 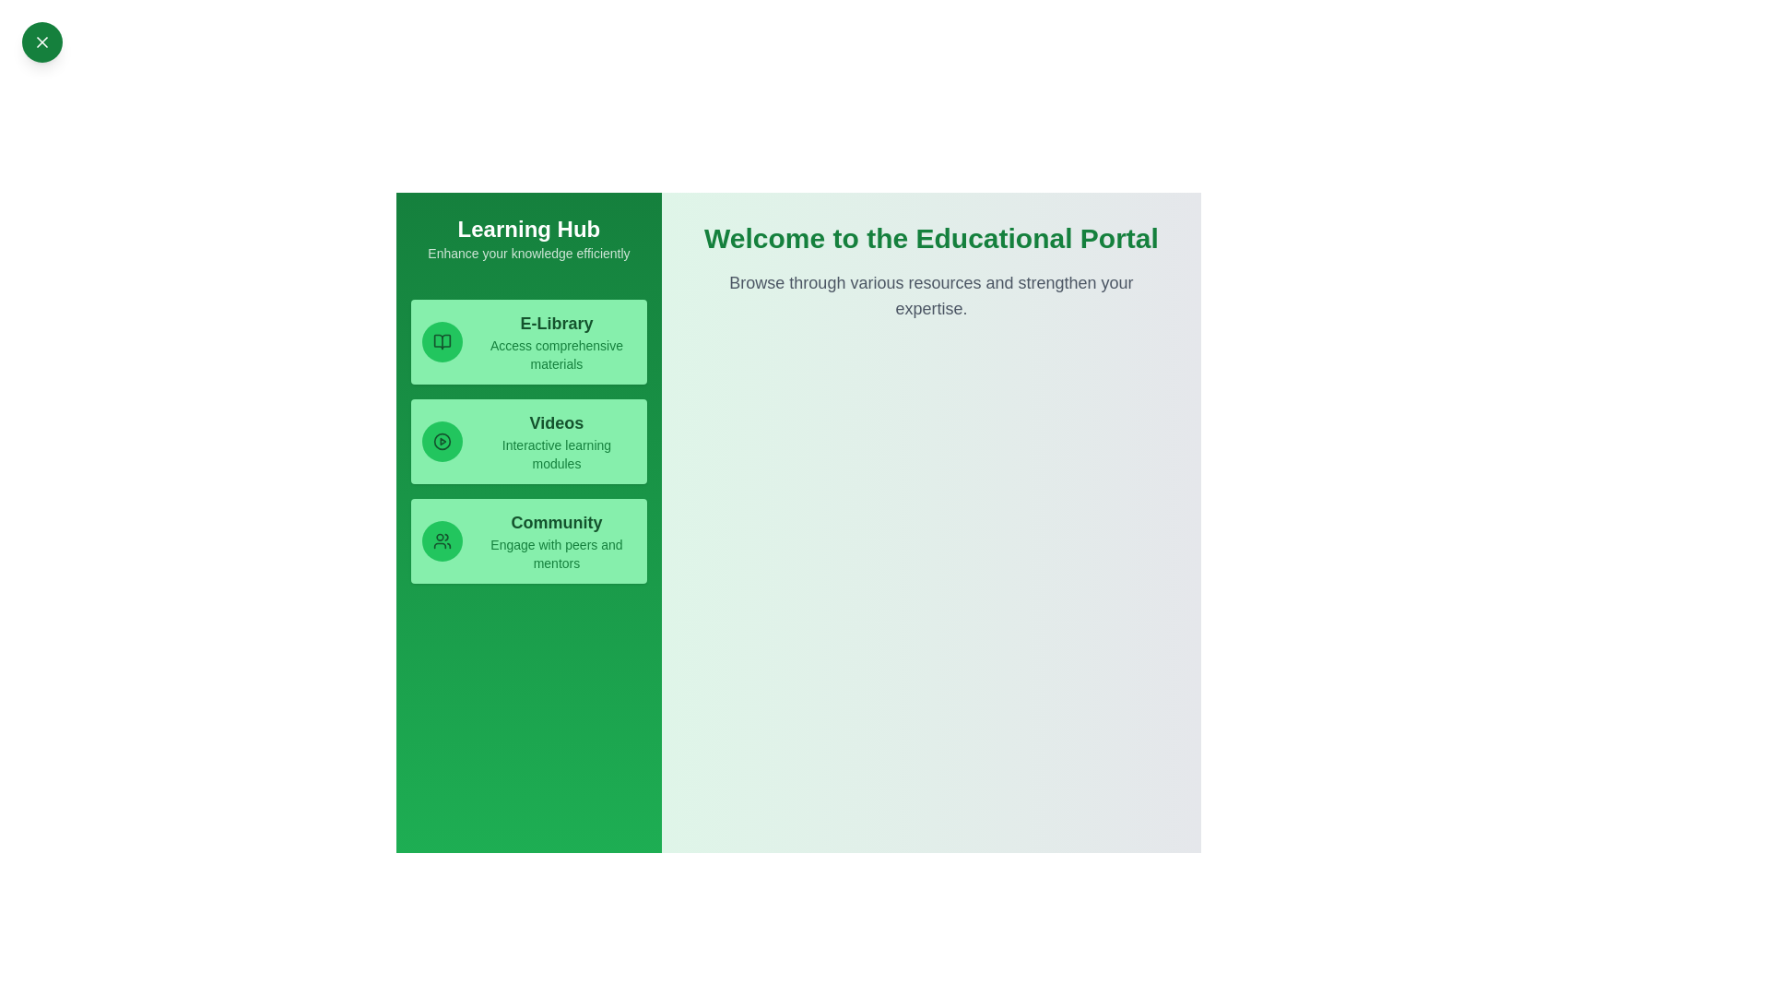 What do you see at coordinates (418, 213) in the screenshot?
I see `the header text and description in the EducationalDrawer component` at bounding box center [418, 213].